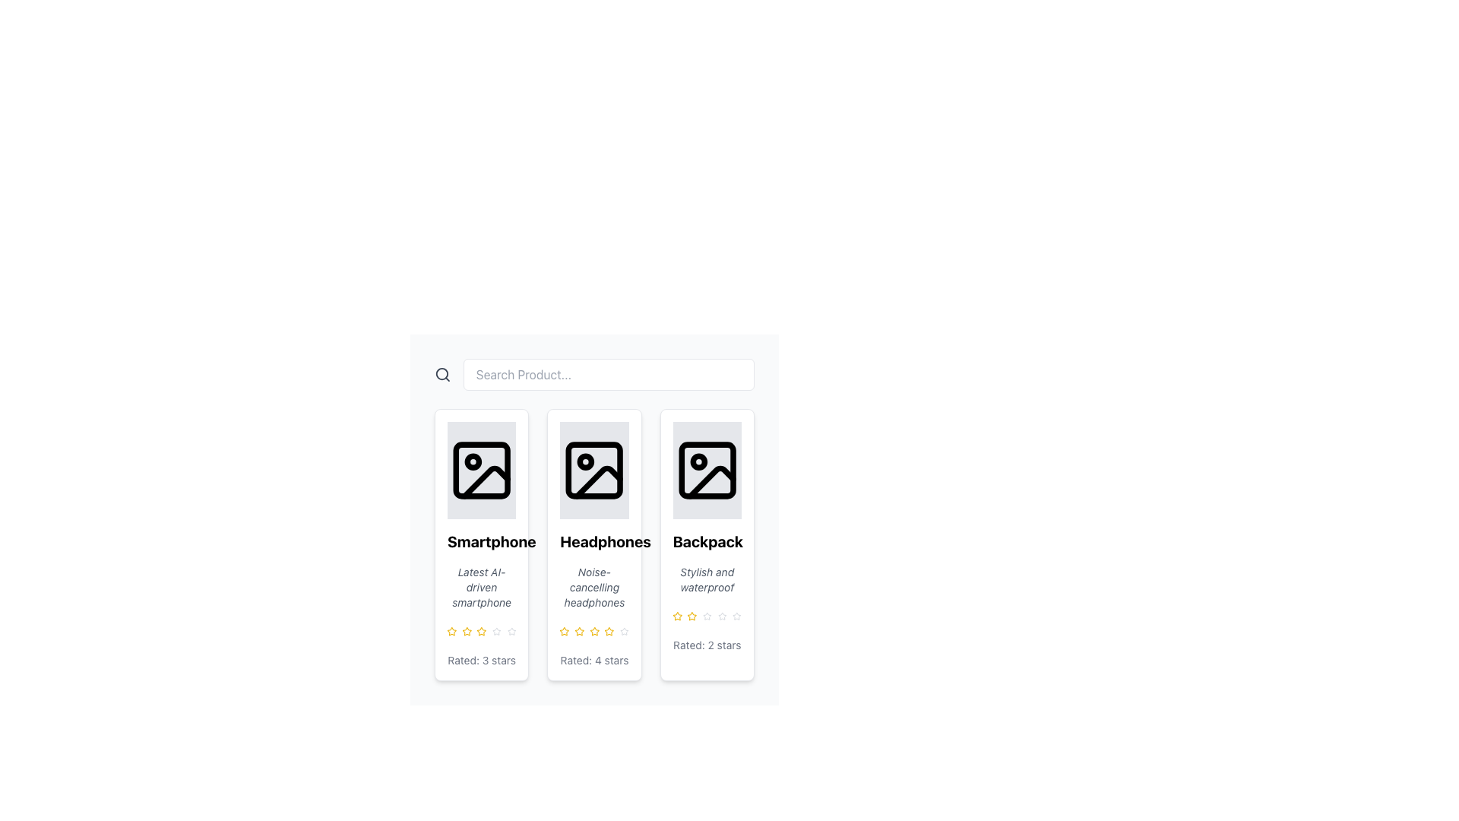 The image size is (1459, 821). Describe the element at coordinates (593, 631) in the screenshot. I see `the fourth star in the rating component of the 'Headphones' product card` at that location.